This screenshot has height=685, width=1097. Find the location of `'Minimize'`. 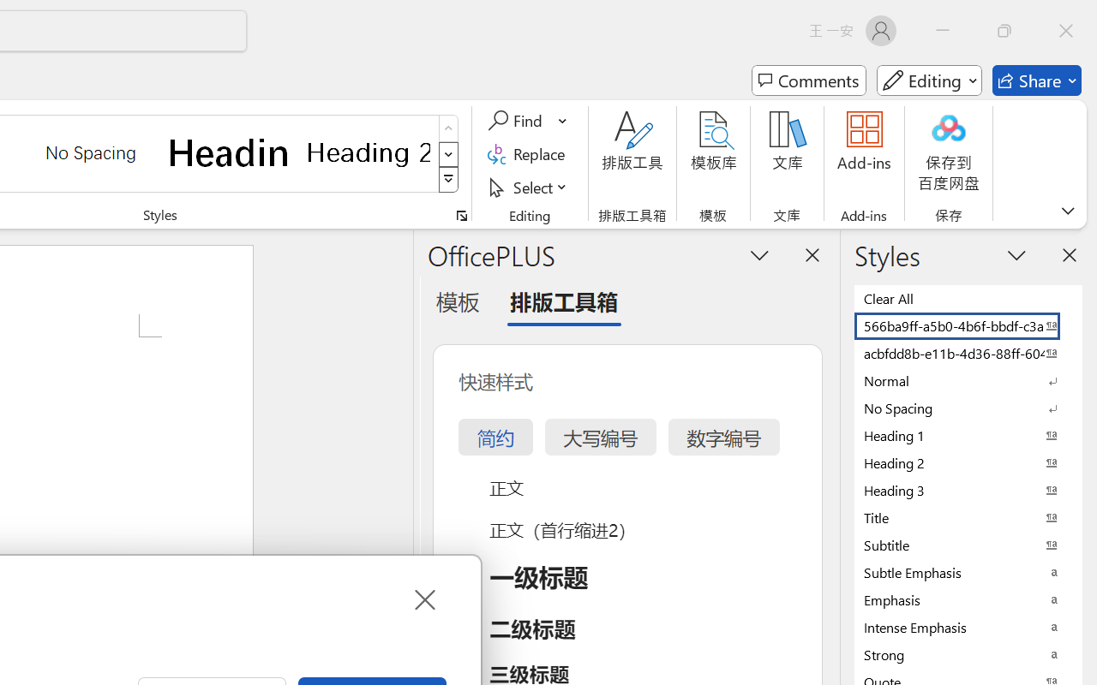

'Minimize' is located at coordinates (942, 30).